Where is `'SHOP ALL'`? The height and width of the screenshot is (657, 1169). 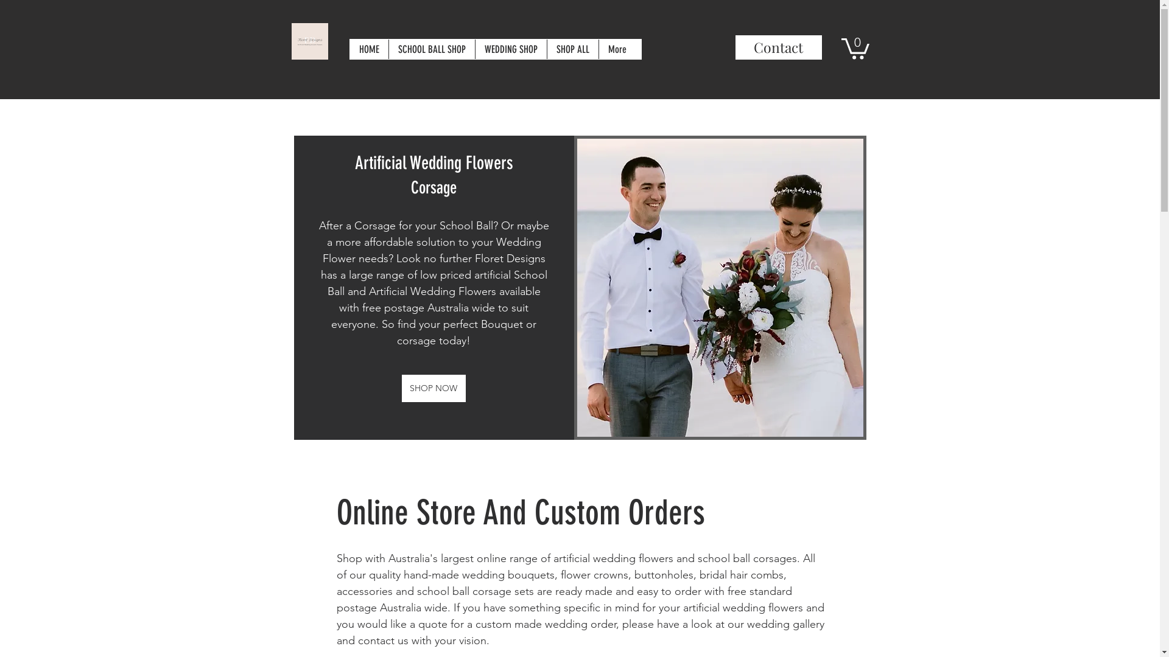
'SHOP ALL' is located at coordinates (572, 49).